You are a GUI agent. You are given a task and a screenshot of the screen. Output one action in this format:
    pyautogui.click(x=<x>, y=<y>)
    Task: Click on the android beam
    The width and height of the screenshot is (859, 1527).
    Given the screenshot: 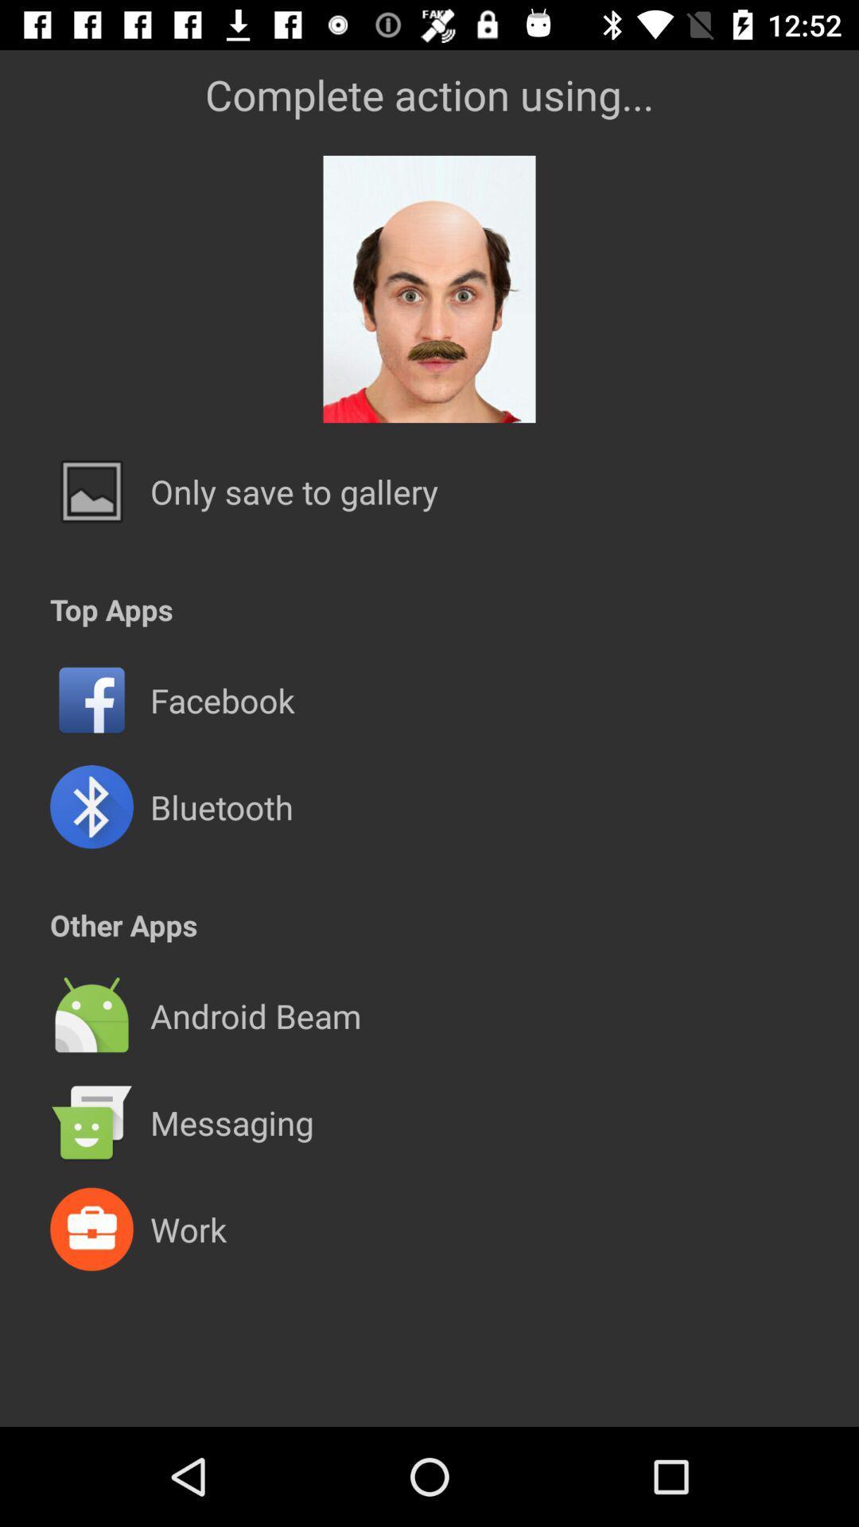 What is the action you would take?
    pyautogui.click(x=255, y=1015)
    